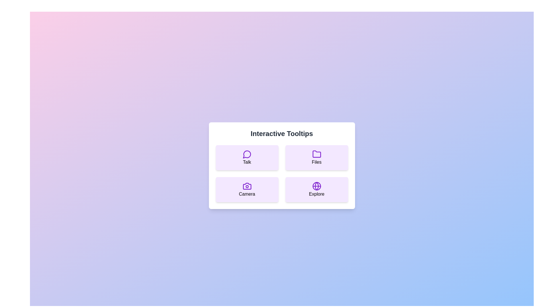 Image resolution: width=548 pixels, height=308 pixels. I want to click on text label 'Camera' located at the center-bottom of the interactive tooltips card in the bottom-left quadrant of the interface, so click(247, 194).